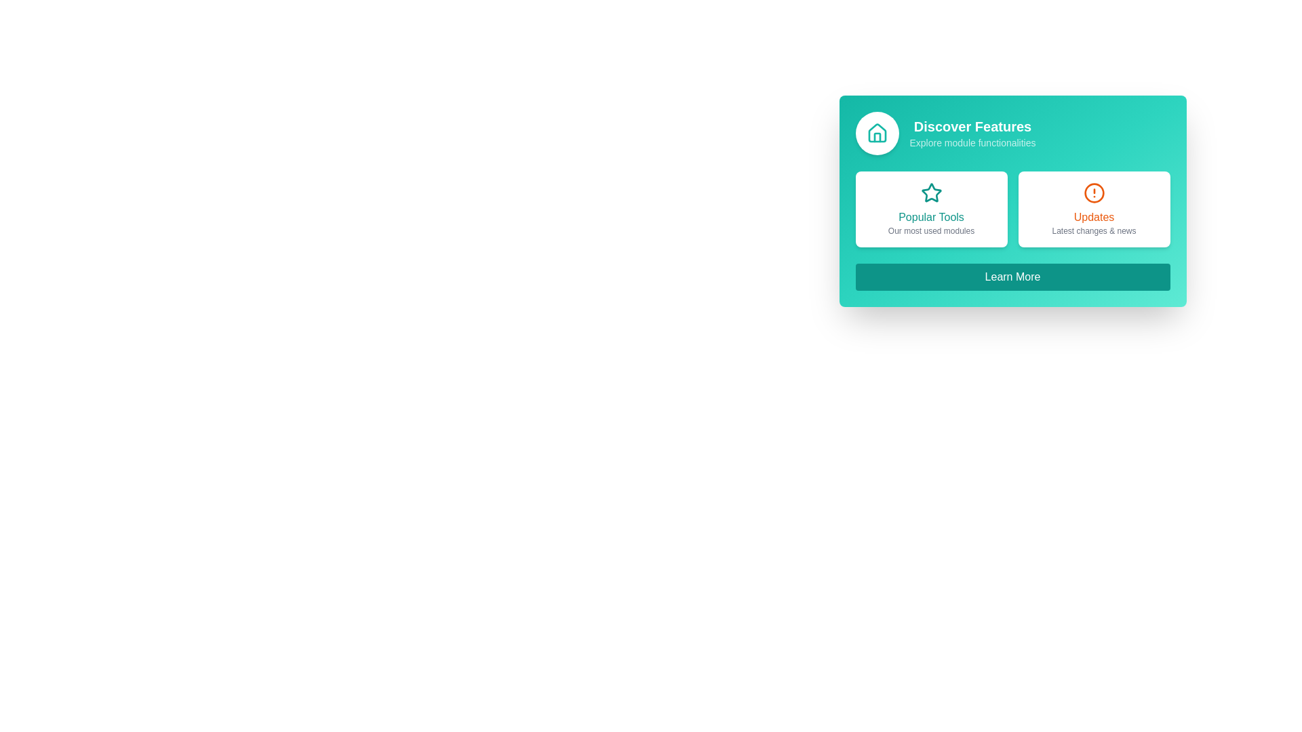 This screenshot has height=732, width=1302. Describe the element at coordinates (1012, 276) in the screenshot. I see `the 'Learn More' button with a teal background` at that location.